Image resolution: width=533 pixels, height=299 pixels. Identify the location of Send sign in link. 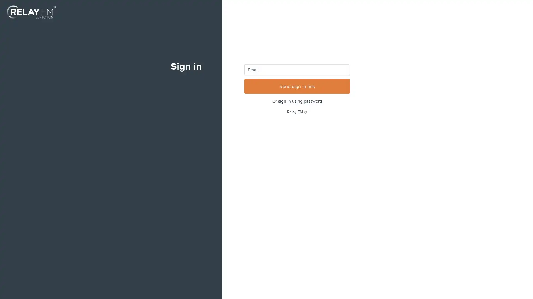
(297, 86).